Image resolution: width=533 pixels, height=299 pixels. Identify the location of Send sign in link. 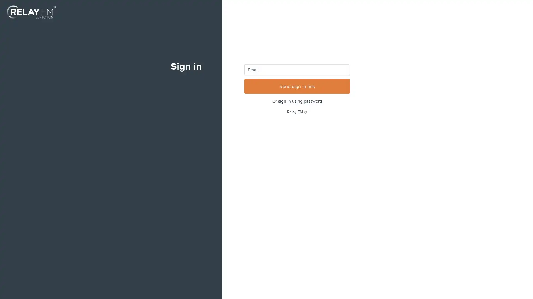
(297, 86).